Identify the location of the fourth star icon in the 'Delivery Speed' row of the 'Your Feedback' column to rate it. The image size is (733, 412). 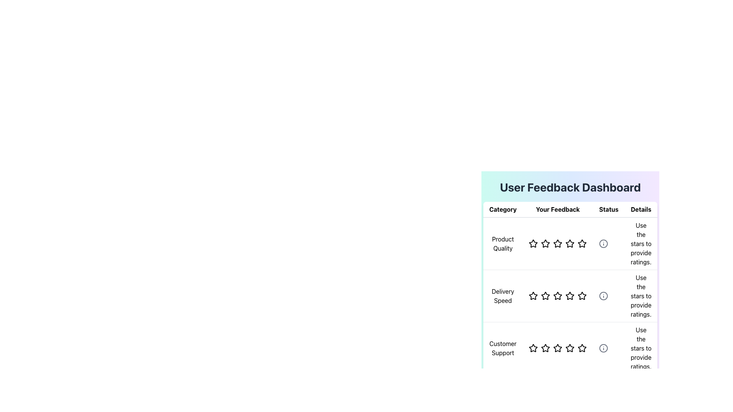
(570, 295).